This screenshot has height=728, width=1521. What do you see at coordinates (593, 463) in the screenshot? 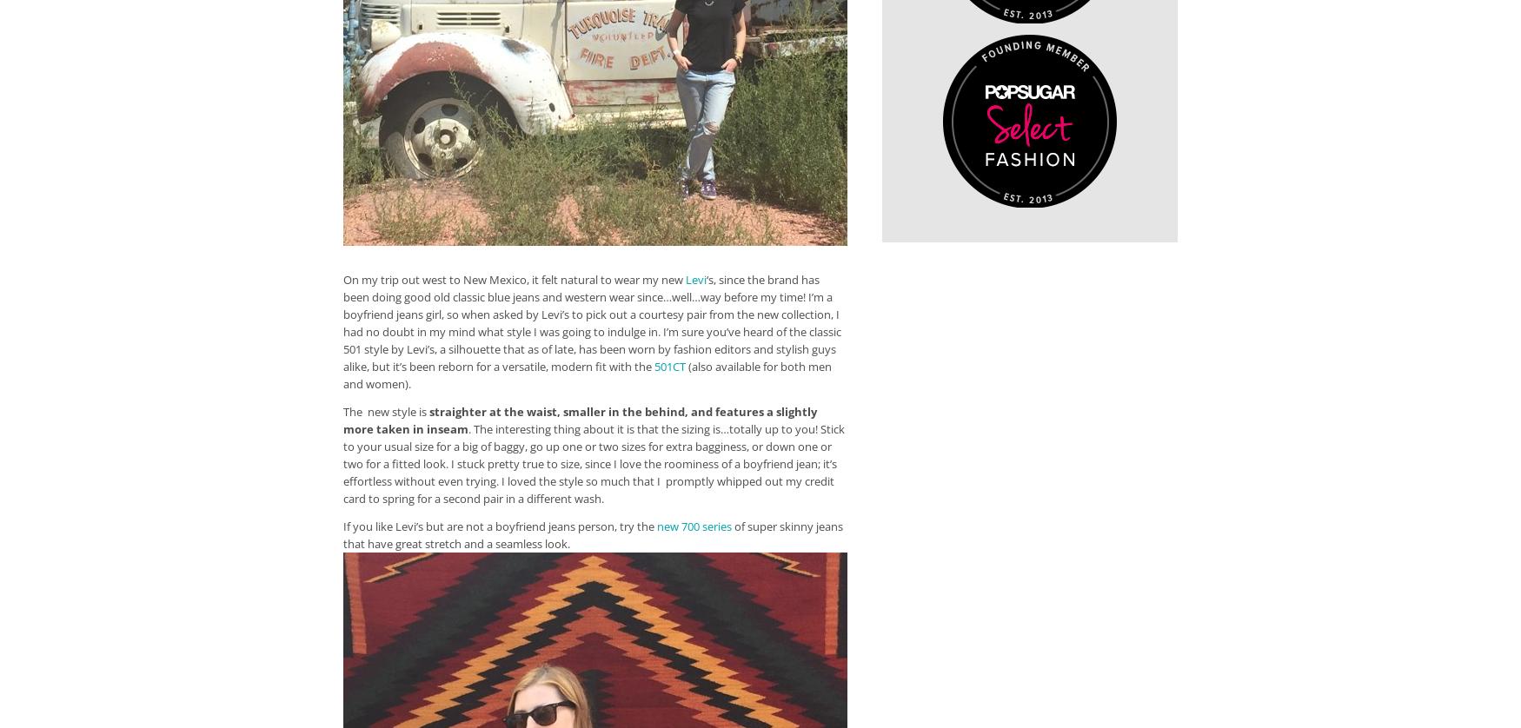
I see `'. The interesting thing about it is that the sizing is…totally up to you! Stick to your usual size for a big of baggy, go up one or two sizes for extra bagginess, or down one or two for a fitted look. I stuck pretty true to size, since I love the roominess of a boyfriend jean; it’s effortless without even trying. I loved the style so much that I  promptly whipped out my credit card to spring for a second pair in a different wash.'` at bounding box center [593, 463].